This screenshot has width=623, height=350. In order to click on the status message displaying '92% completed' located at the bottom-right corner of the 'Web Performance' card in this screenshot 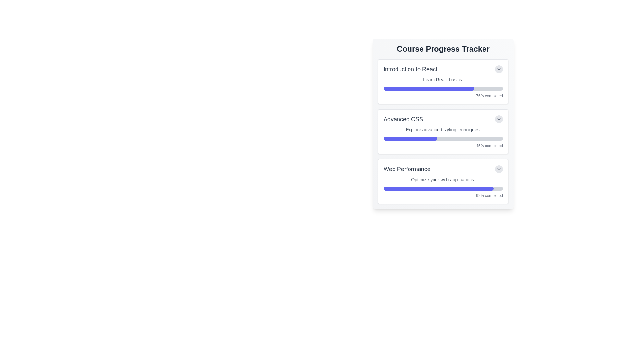, I will do `click(443, 195)`.